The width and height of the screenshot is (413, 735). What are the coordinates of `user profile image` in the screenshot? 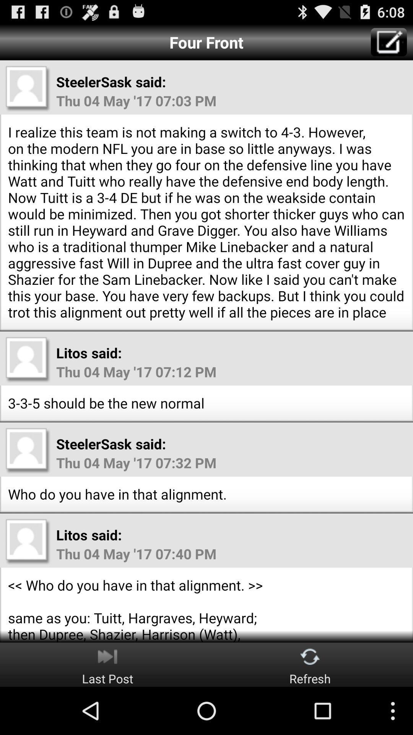 It's located at (28, 450).